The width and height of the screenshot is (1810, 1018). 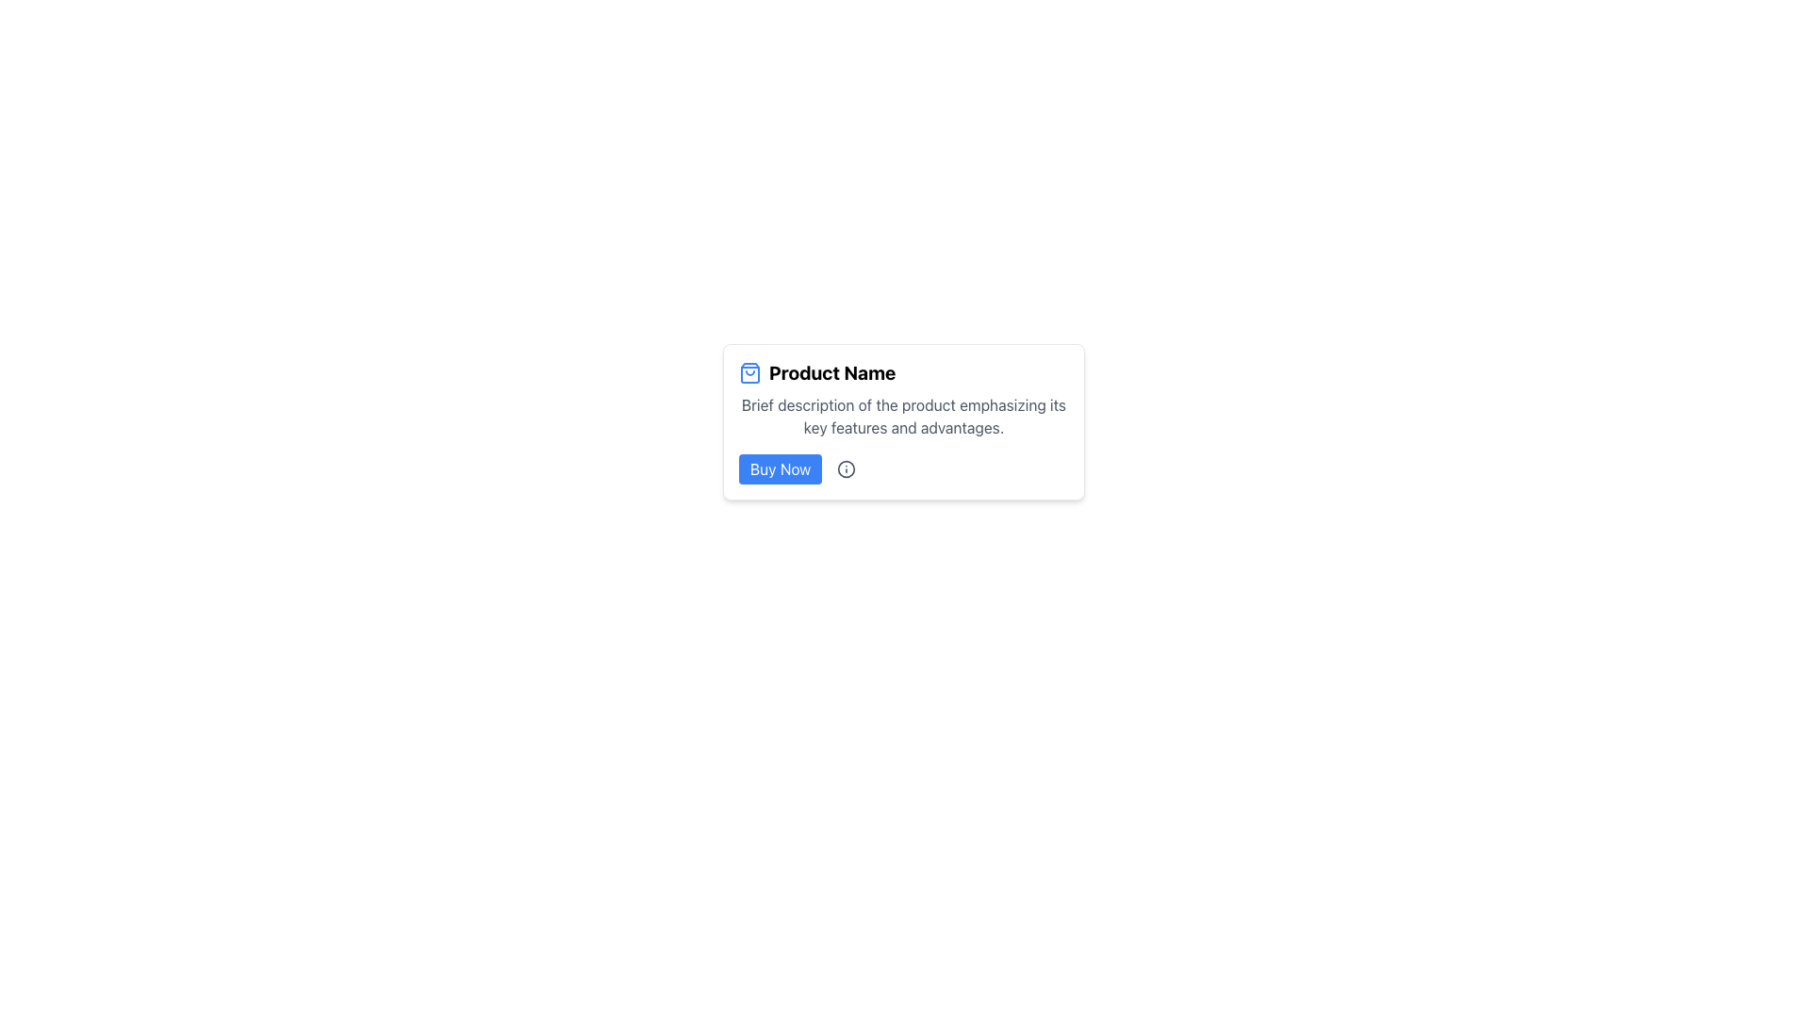 I want to click on the circular SVG element that is part of the information icon located at the bottom-right of the card layout, near the 'Buy Now' button, so click(x=846, y=468).